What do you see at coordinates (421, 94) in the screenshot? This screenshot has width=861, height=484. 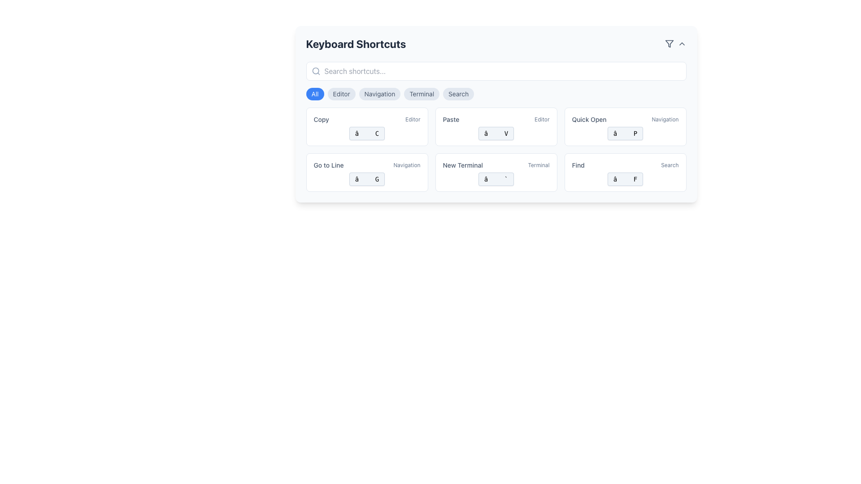 I see `the 'Terminal' button, which is the fourth button in the horizontal group of five buttons in the 'Keyboard Shortcuts' panel` at bounding box center [421, 94].